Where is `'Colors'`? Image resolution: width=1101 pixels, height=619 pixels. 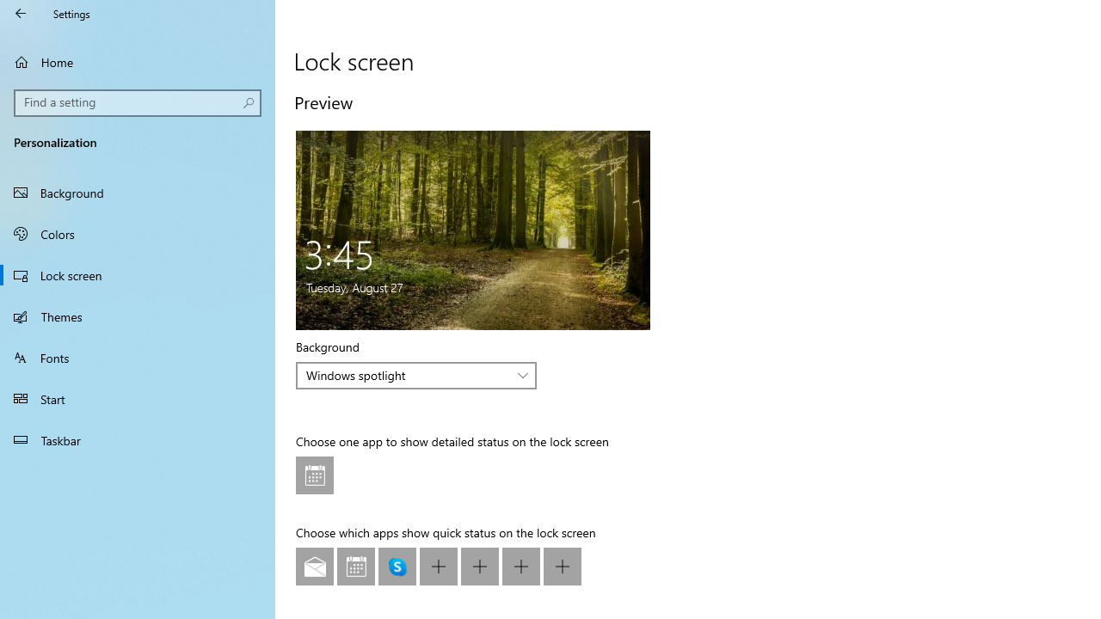 'Colors' is located at coordinates (138, 233).